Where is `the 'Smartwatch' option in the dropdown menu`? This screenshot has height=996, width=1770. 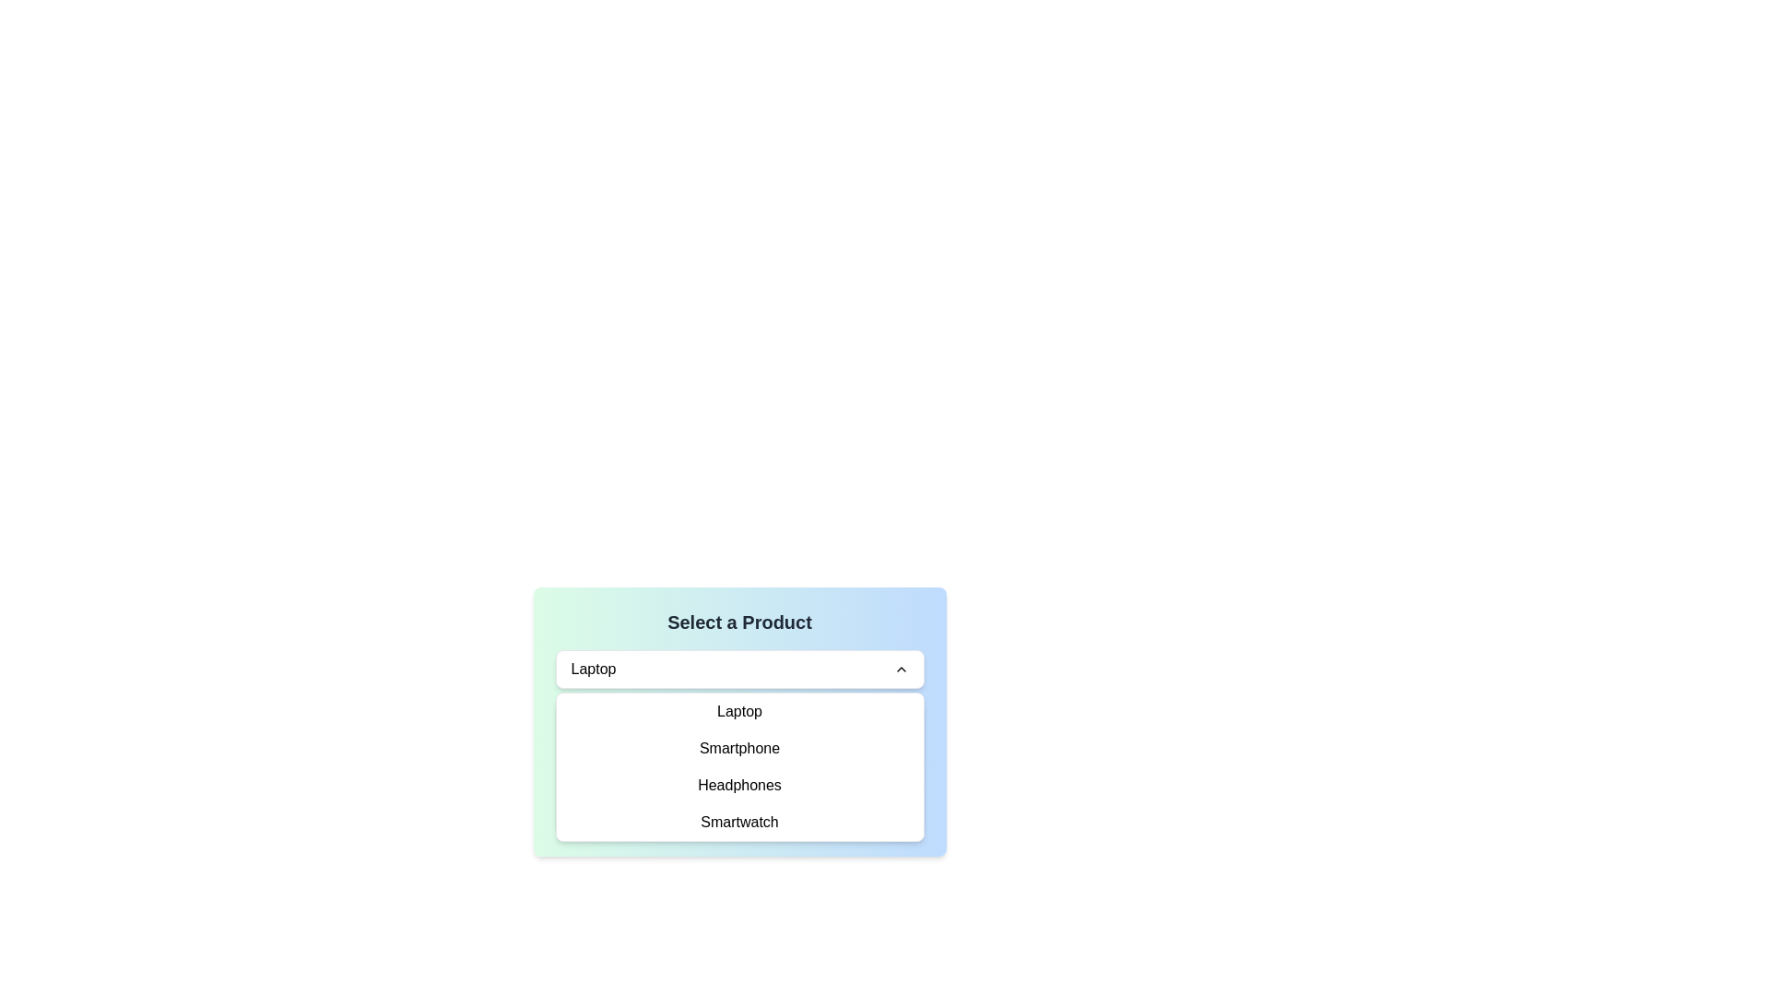
the 'Smartwatch' option in the dropdown menu is located at coordinates (739, 821).